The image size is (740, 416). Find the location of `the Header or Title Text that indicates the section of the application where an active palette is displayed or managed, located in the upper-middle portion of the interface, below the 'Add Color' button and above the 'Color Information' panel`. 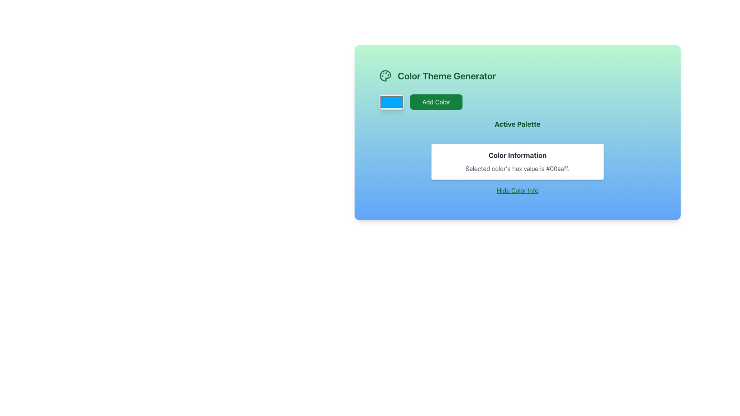

the Header or Title Text that indicates the section of the application where an active palette is displayed or managed, located in the upper-middle portion of the interface, below the 'Add Color' button and above the 'Color Information' panel is located at coordinates (518, 124).